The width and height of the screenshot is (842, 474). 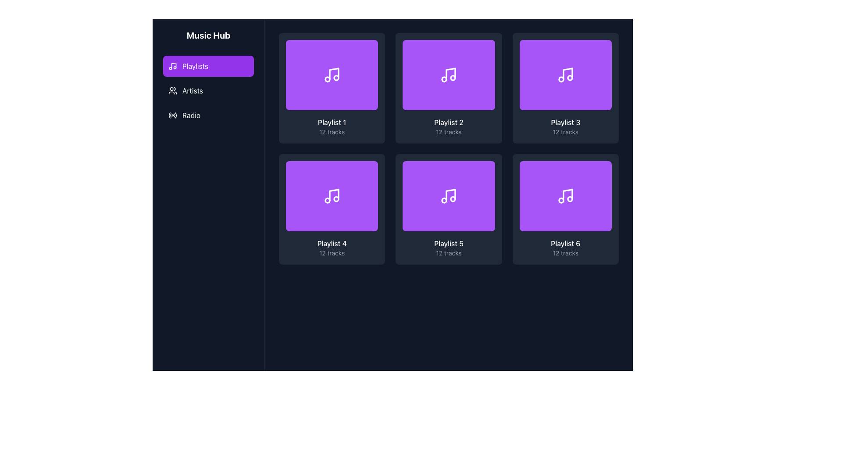 What do you see at coordinates (567, 194) in the screenshot?
I see `the stylized musical note vector graphic inside the 'Playlist 6' card, which is located in the lower-right corner of the grid` at bounding box center [567, 194].